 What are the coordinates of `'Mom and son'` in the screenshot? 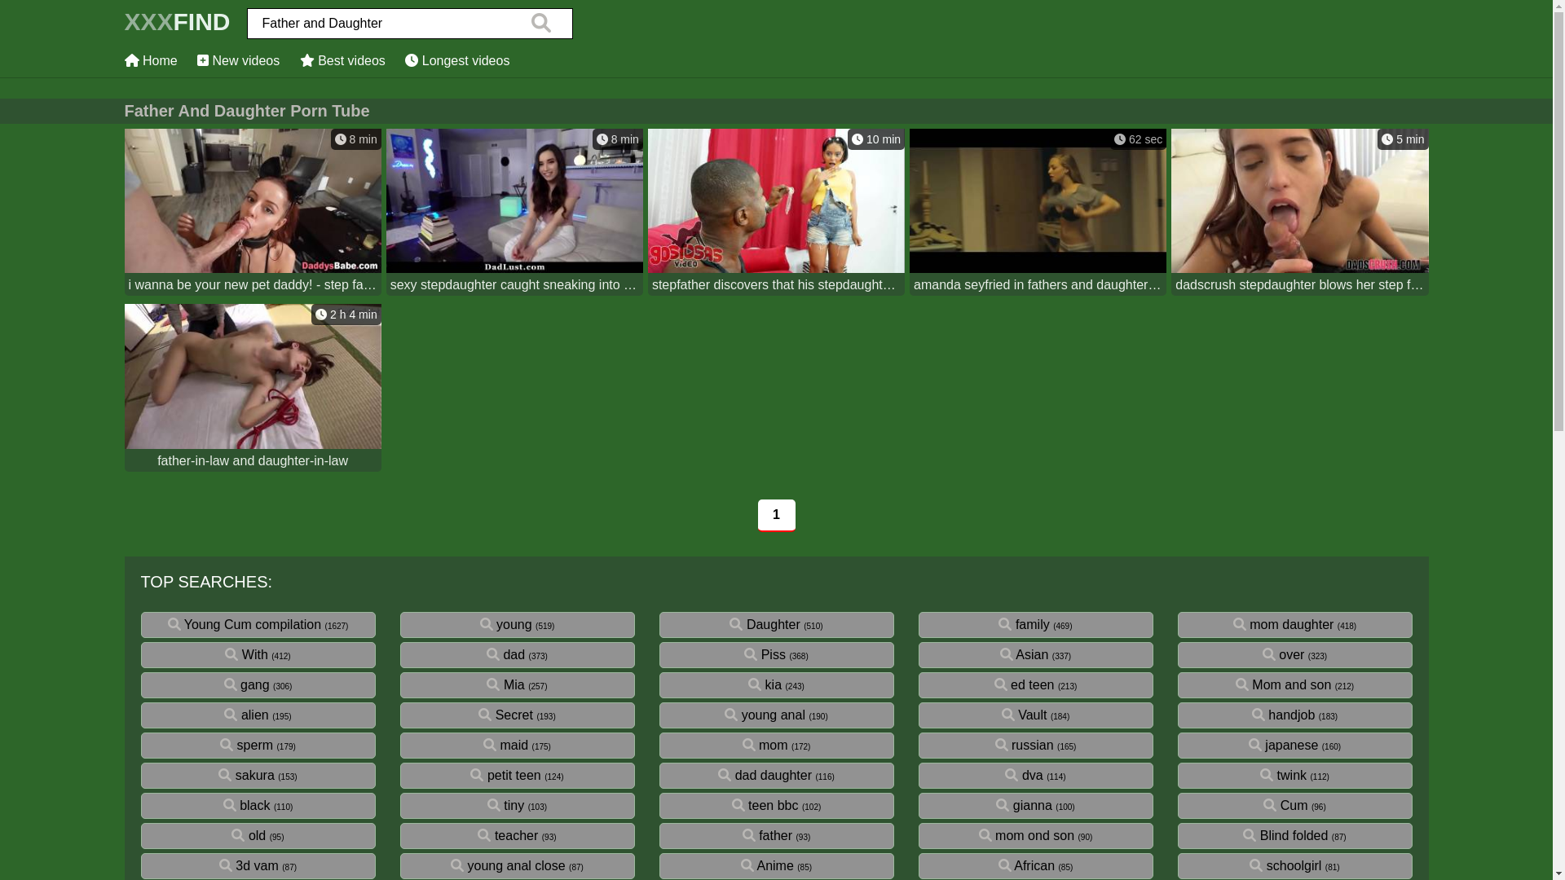 It's located at (1236, 684).